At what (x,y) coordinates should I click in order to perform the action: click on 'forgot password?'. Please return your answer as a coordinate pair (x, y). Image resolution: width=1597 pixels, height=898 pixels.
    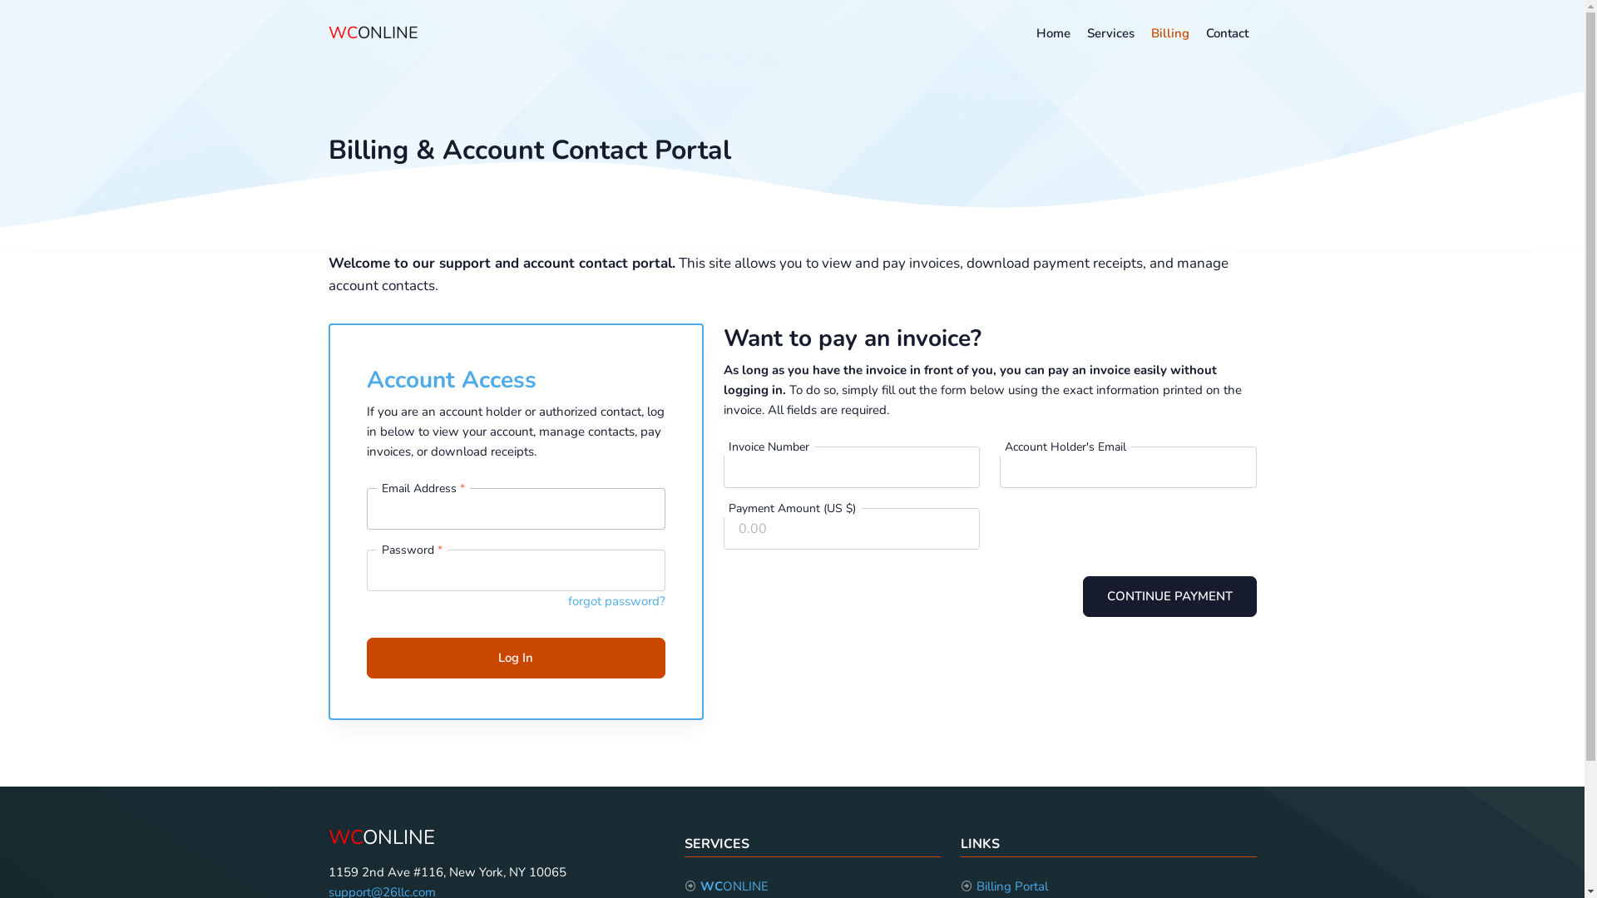
    Looking at the image, I should click on (566, 600).